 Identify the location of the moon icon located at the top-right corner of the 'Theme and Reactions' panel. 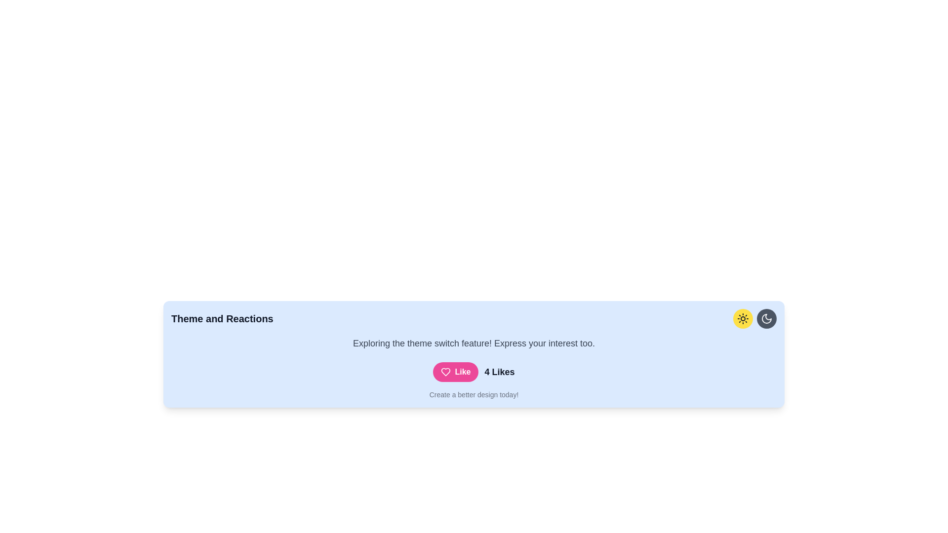
(766, 318).